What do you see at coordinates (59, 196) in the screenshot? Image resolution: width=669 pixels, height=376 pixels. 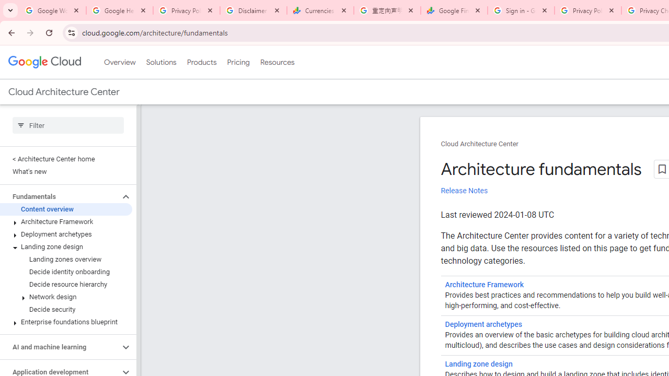 I see `'Fundamentals'` at bounding box center [59, 196].